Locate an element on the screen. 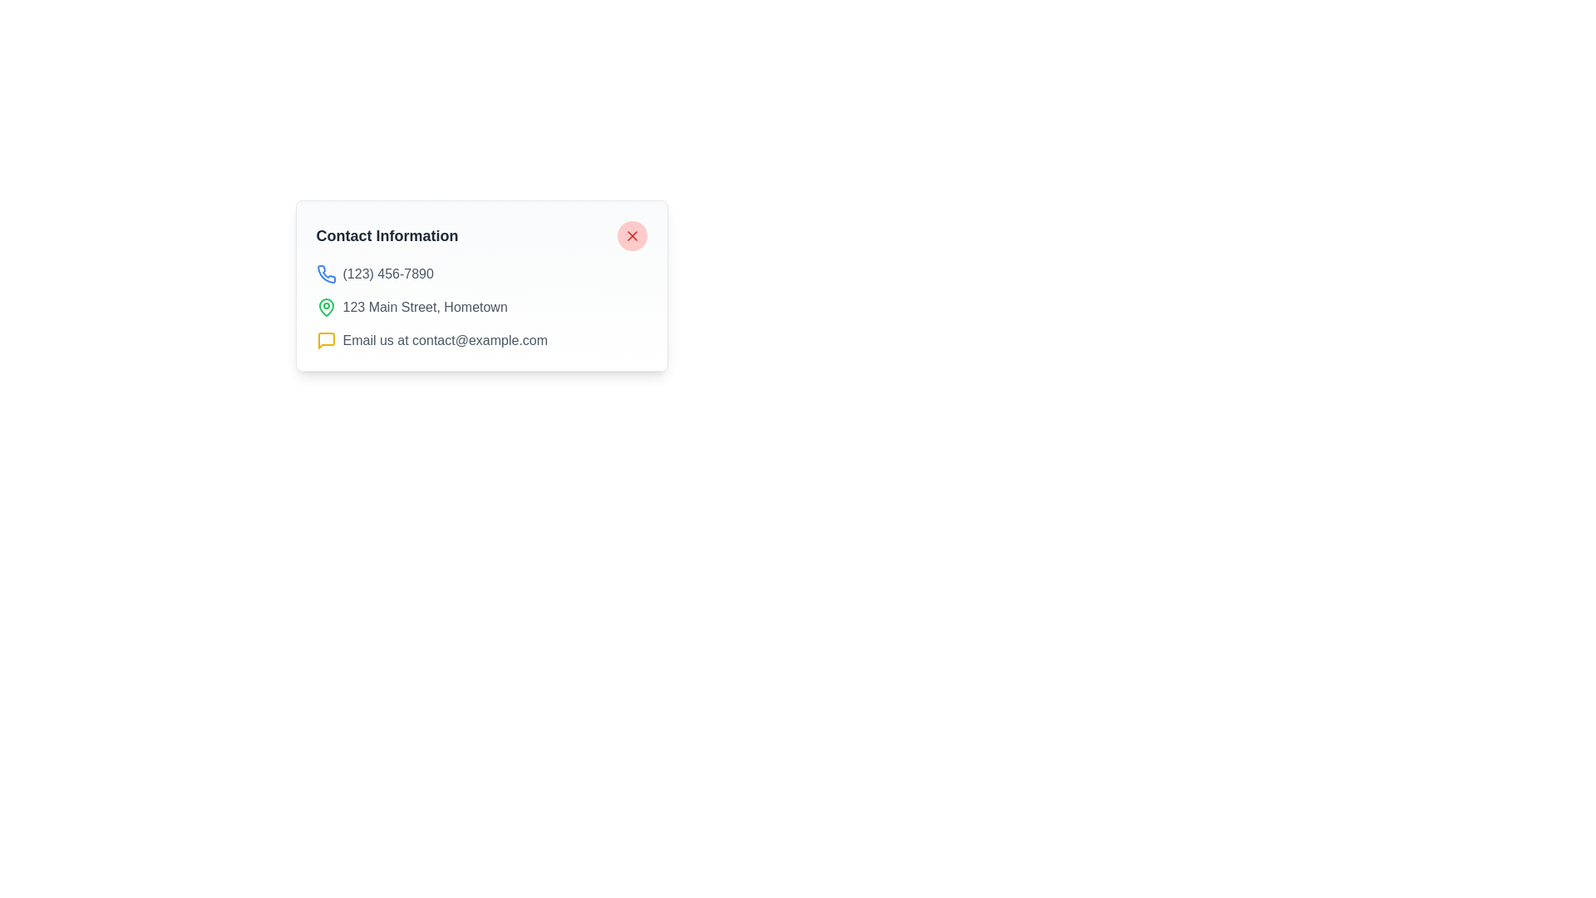  the email icon located within the contact information card, which serves as a visual indicator for the contact email section is located at coordinates (326, 339).